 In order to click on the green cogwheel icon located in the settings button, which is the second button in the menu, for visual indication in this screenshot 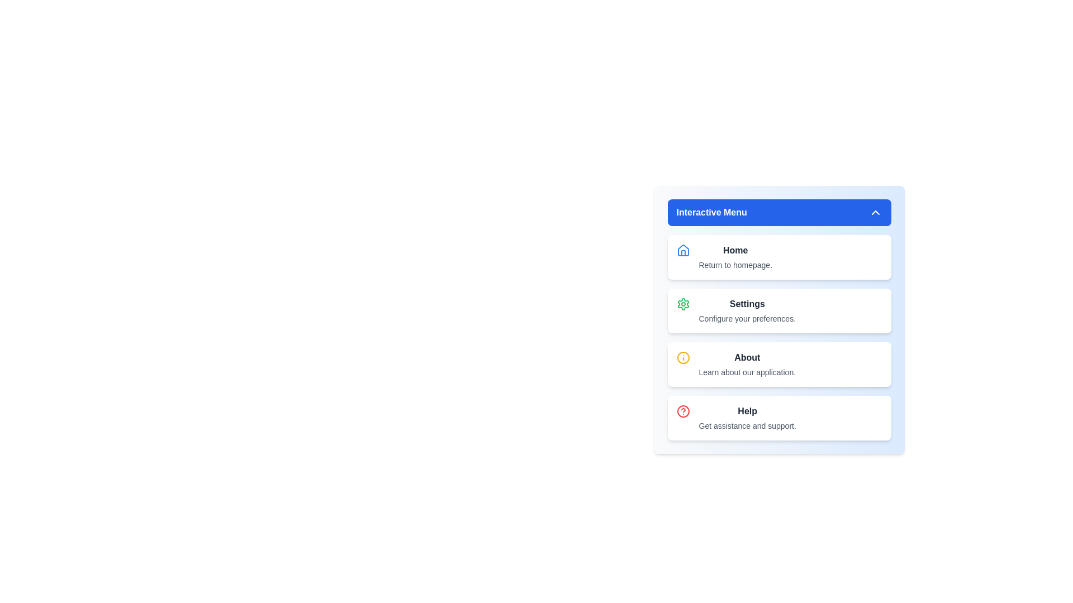, I will do `click(682, 304)`.